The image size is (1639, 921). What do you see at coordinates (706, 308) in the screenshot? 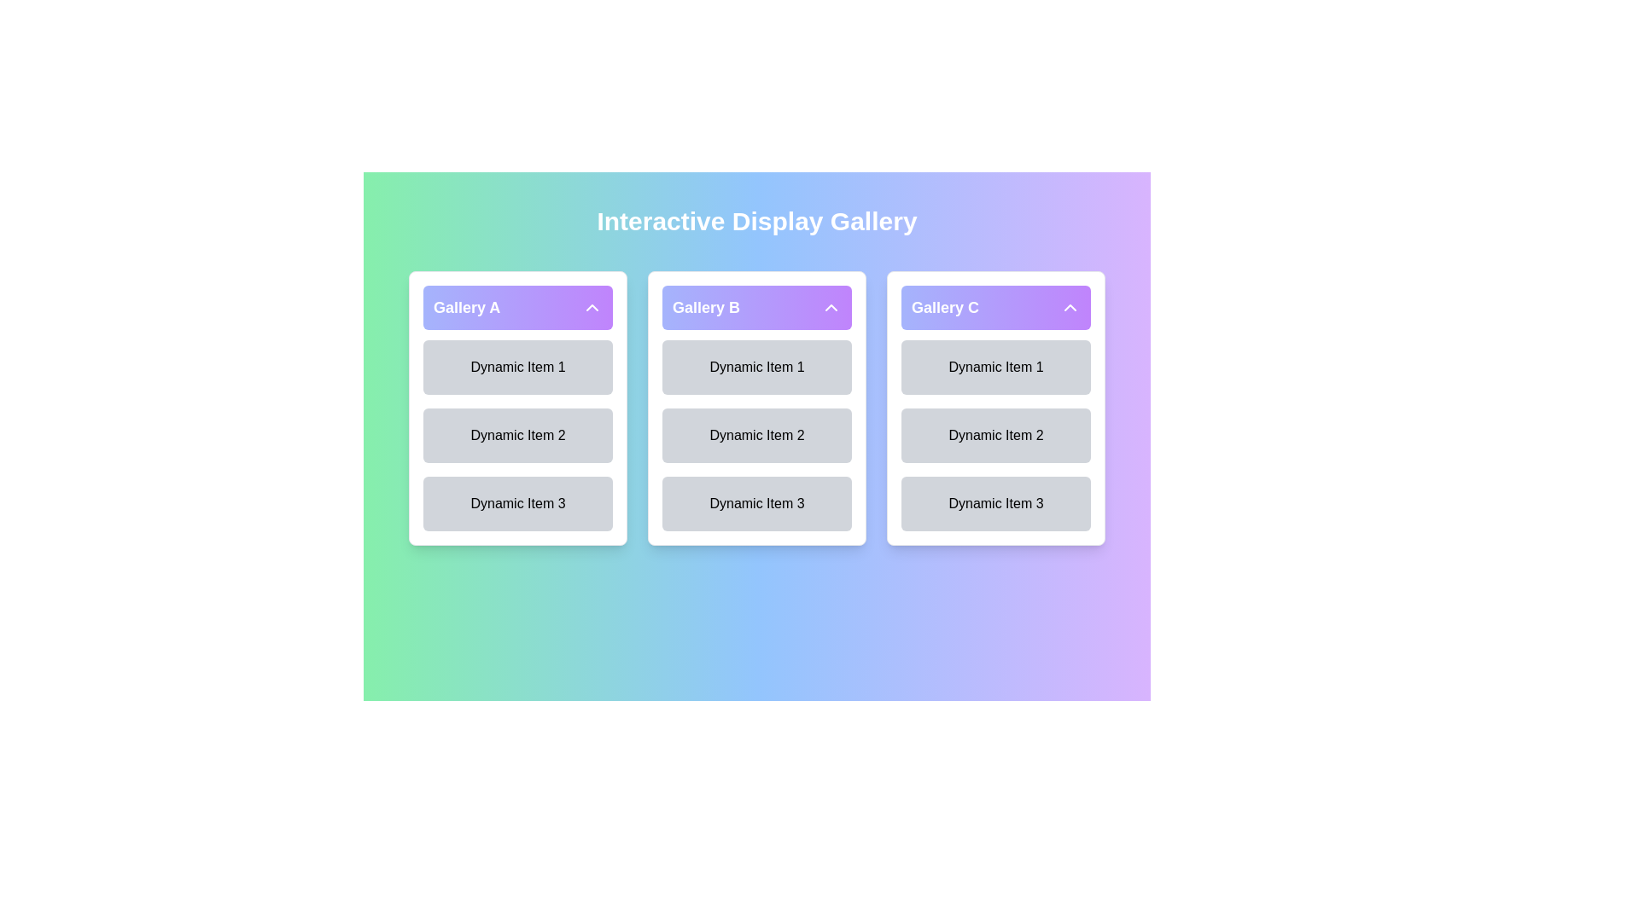
I see `the 'Gallery B' title in the middle gallery section, which is located in the central column of a three-column layout` at bounding box center [706, 308].